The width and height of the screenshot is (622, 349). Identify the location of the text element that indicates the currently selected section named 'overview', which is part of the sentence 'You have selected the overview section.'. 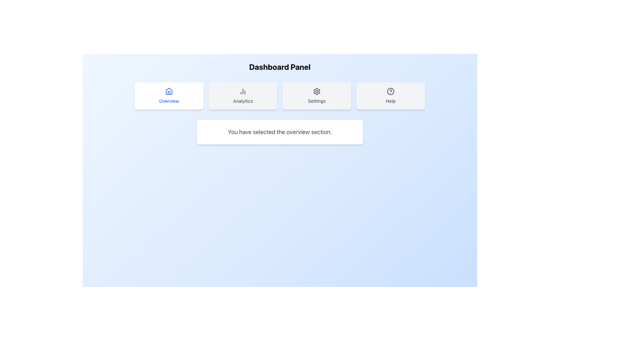
(298, 132).